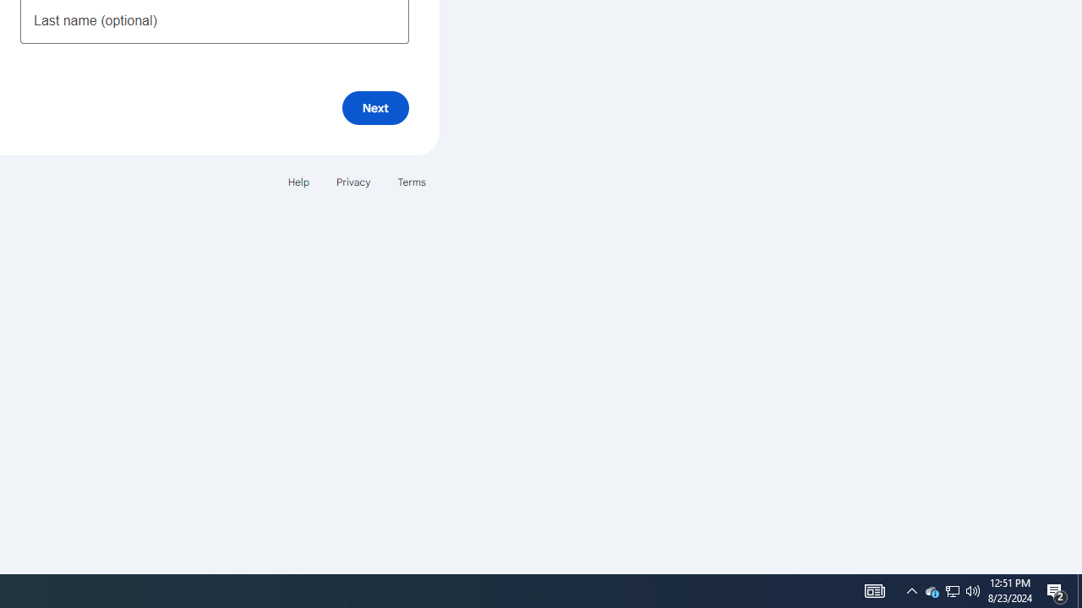 This screenshot has width=1082, height=608. Describe the element at coordinates (352, 182) in the screenshot. I see `'Privacy'` at that location.